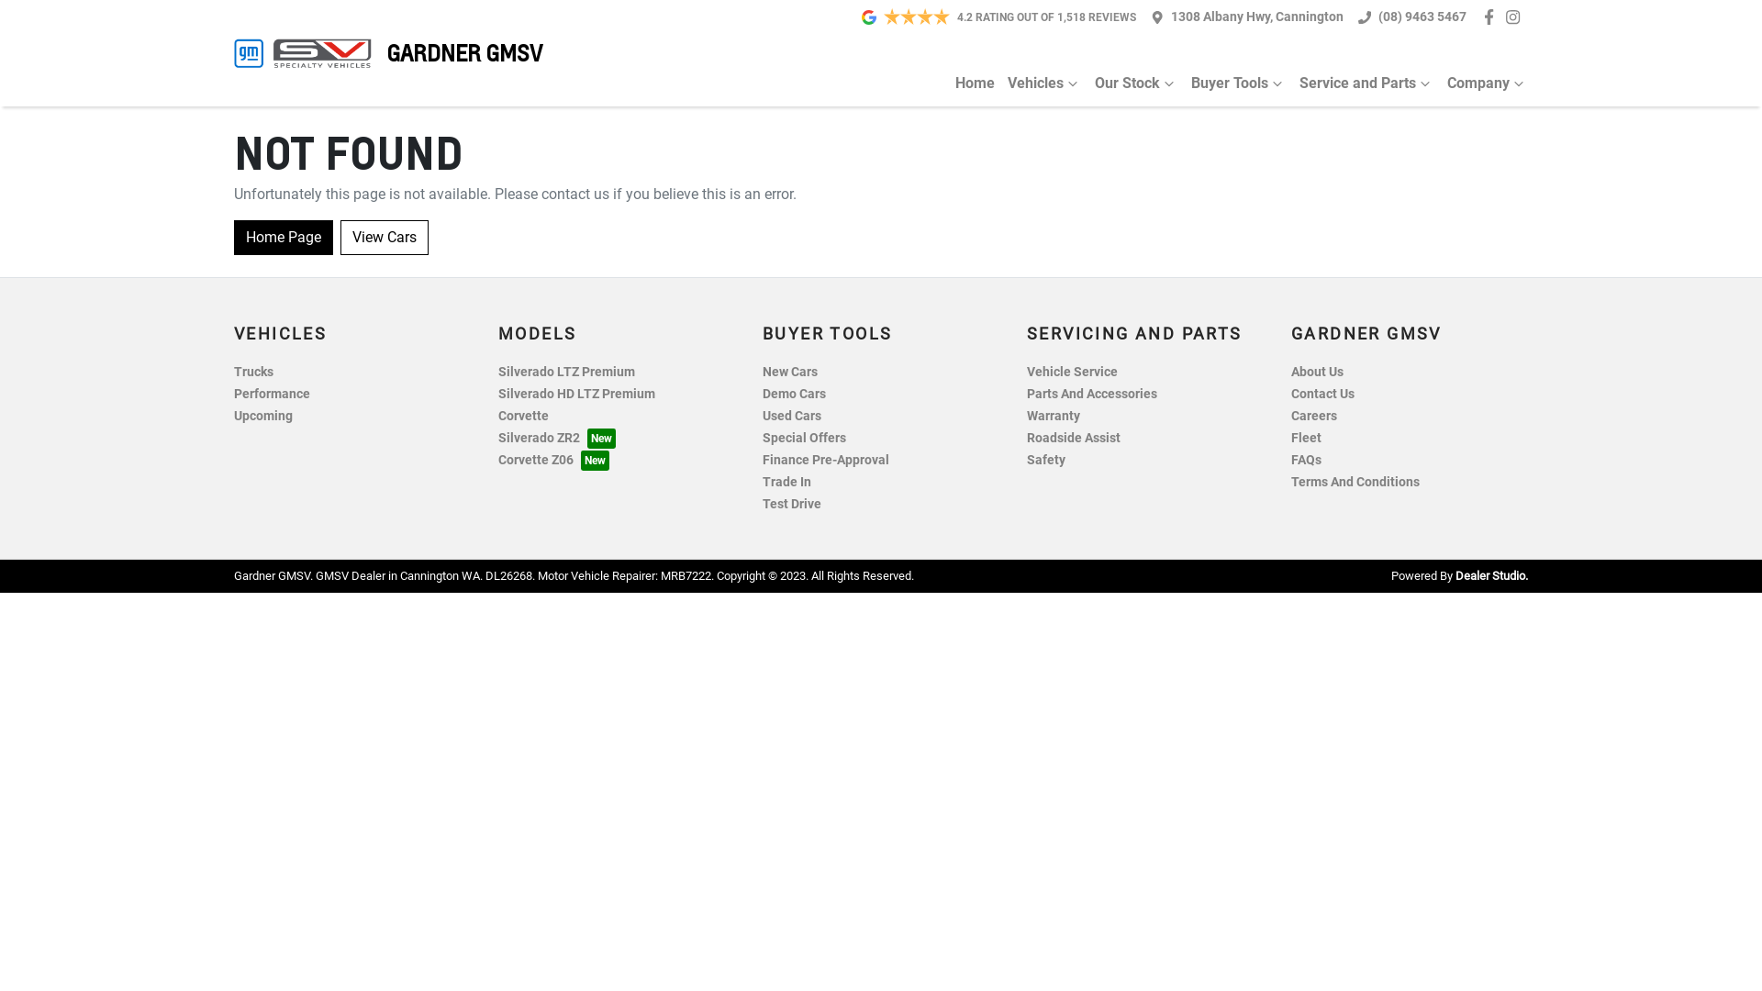 Image resolution: width=1762 pixels, height=991 pixels. Describe the element at coordinates (555, 438) in the screenshot. I see `'Silverado ZR2'` at that location.